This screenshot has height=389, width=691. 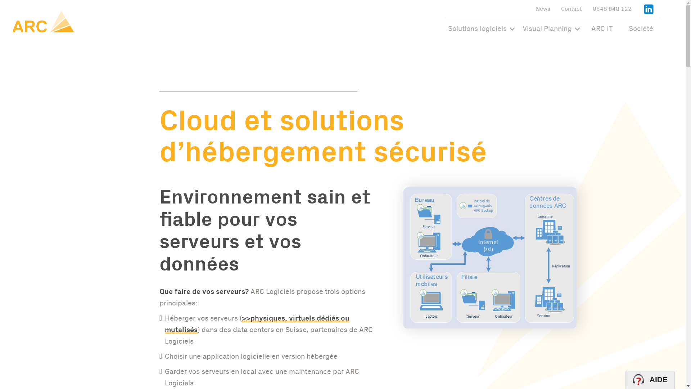 What do you see at coordinates (547, 29) in the screenshot?
I see `'Visual Planning'` at bounding box center [547, 29].